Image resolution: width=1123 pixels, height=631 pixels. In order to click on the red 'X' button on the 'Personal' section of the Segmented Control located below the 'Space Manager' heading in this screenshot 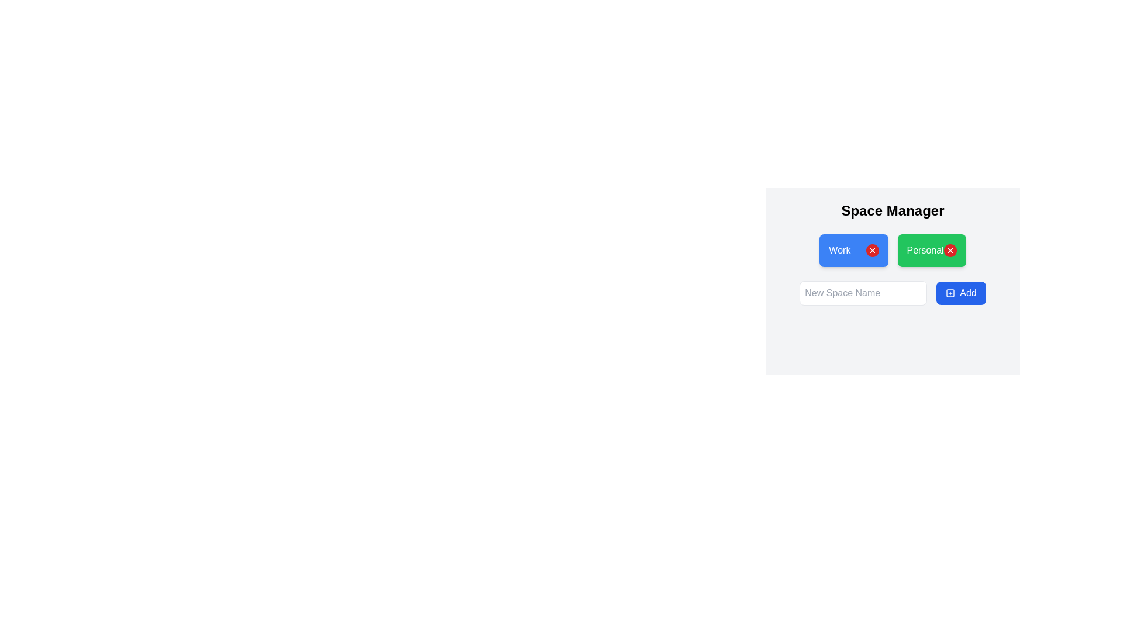, I will do `click(892, 249)`.